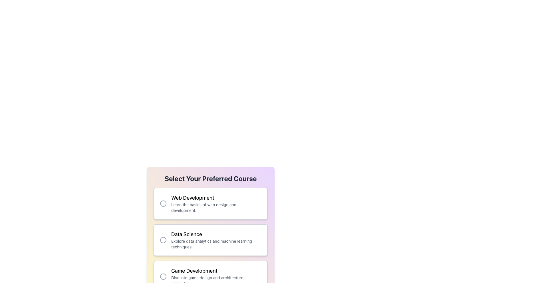  I want to click on text contained in the 'Game Development' course option, which is the third course listed under 'Data Science' in a bordered and rounded rectangular card, so click(216, 276).